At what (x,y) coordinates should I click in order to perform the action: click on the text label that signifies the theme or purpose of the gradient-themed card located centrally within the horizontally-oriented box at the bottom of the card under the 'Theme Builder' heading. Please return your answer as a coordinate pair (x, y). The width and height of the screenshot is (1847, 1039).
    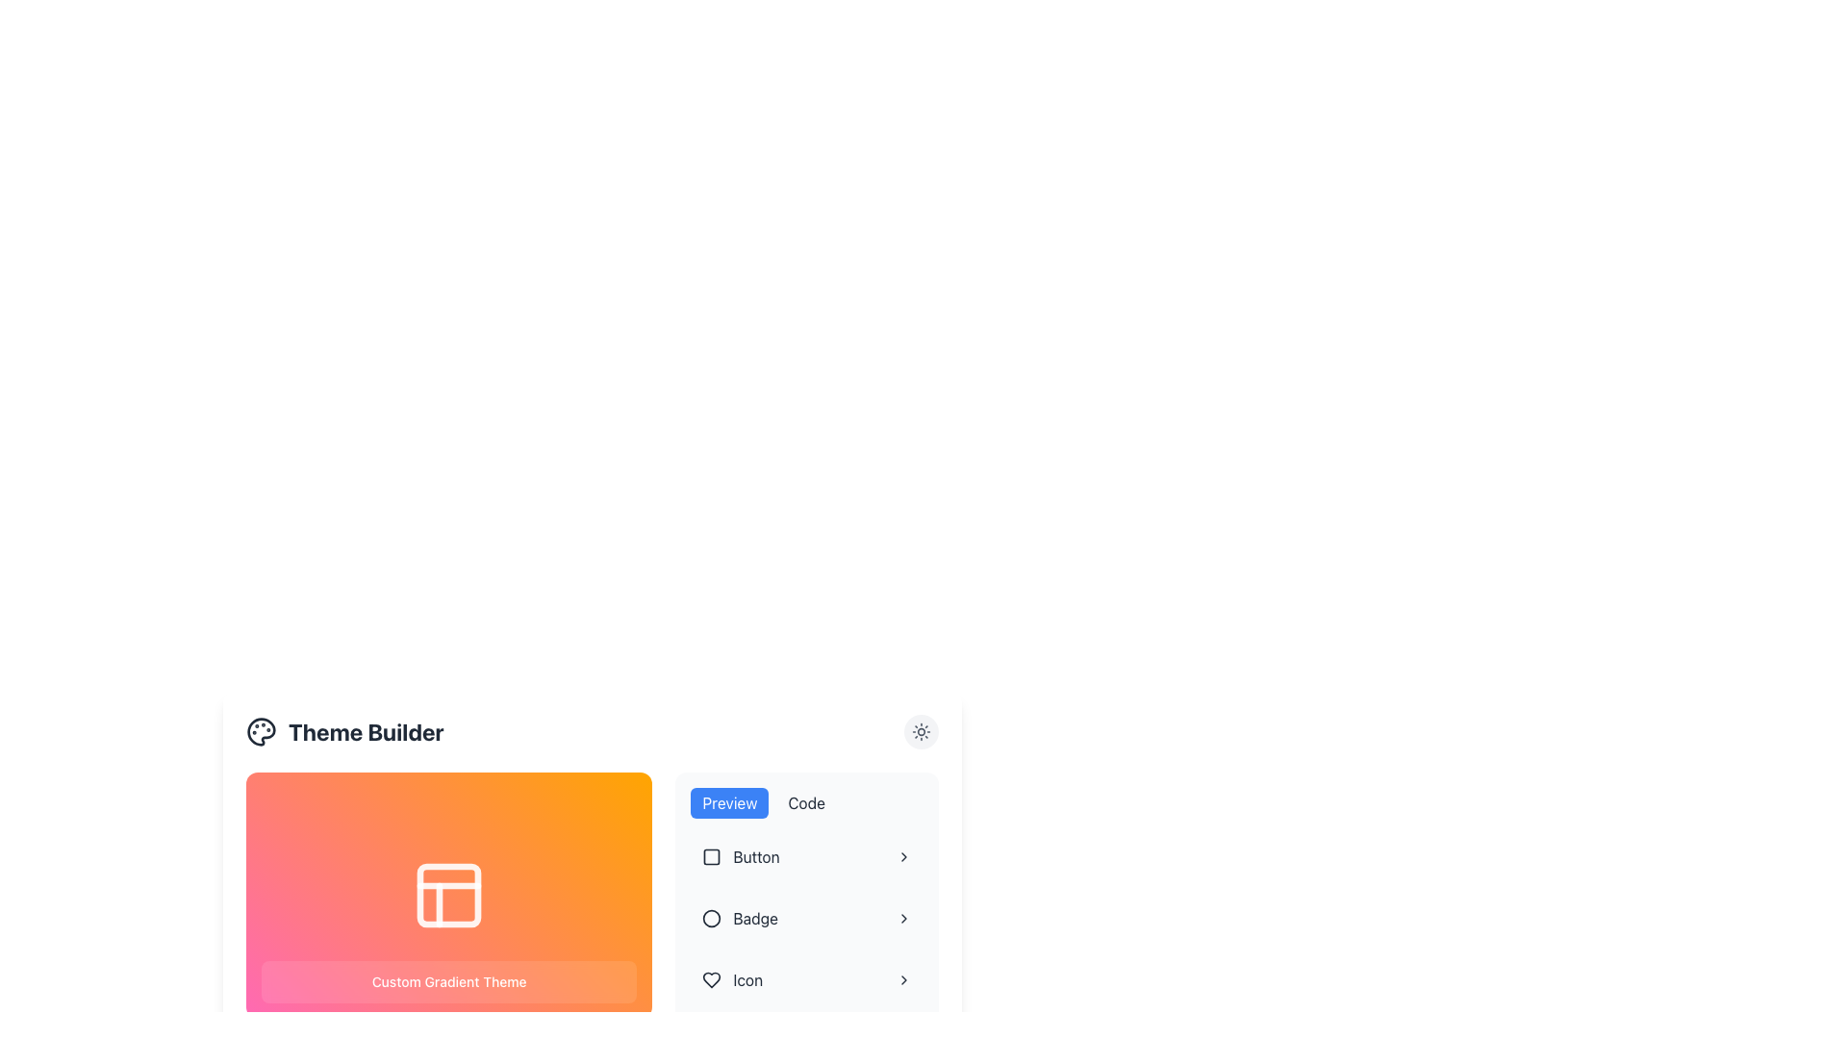
    Looking at the image, I should click on (448, 982).